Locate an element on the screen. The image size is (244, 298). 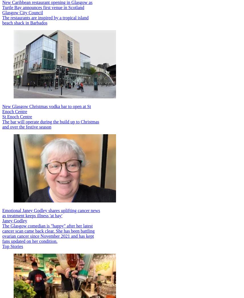
'The bar will operate during the build up to Christmas and over the festive season' is located at coordinates (2, 124).